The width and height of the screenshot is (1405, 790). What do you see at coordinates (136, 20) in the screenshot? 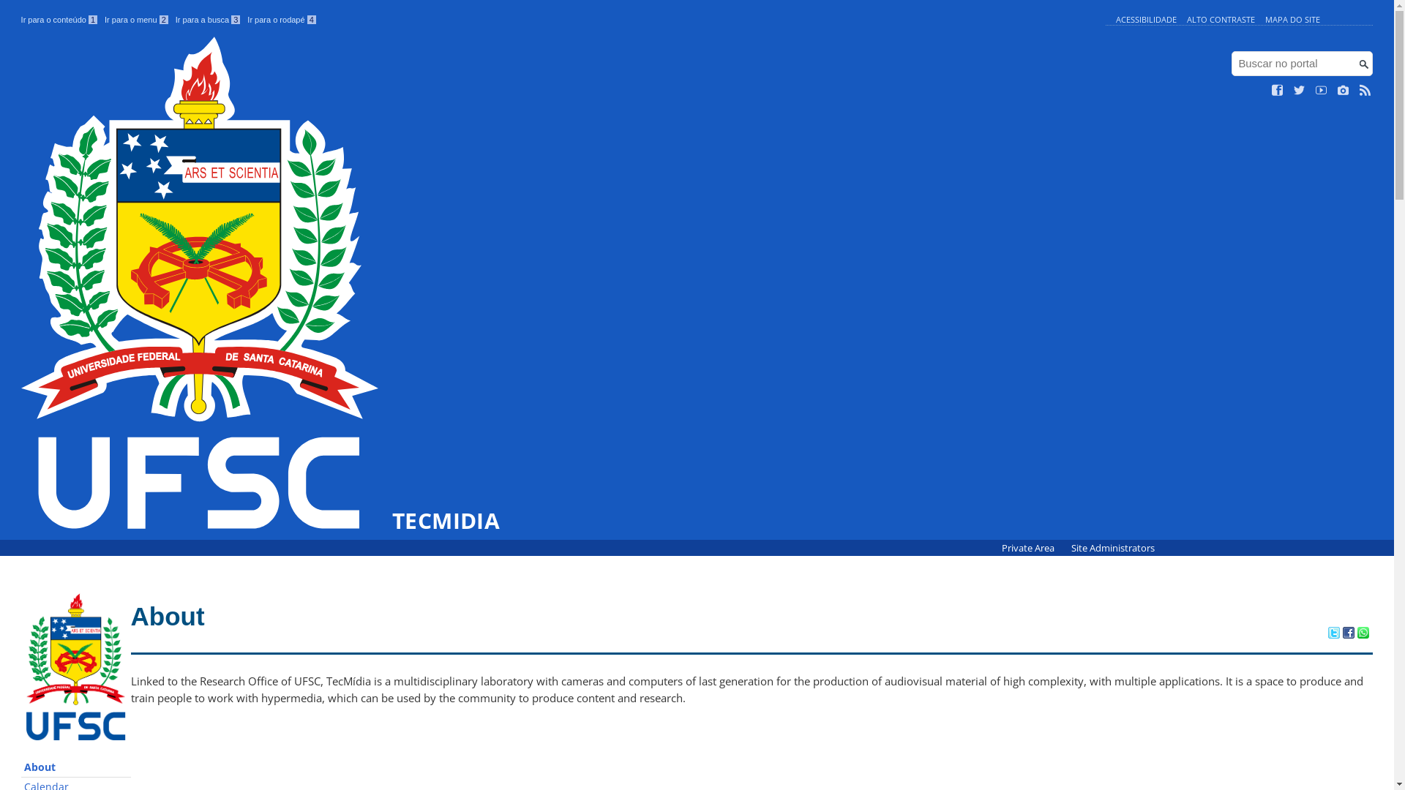
I see `'Ir para o menu 2'` at bounding box center [136, 20].